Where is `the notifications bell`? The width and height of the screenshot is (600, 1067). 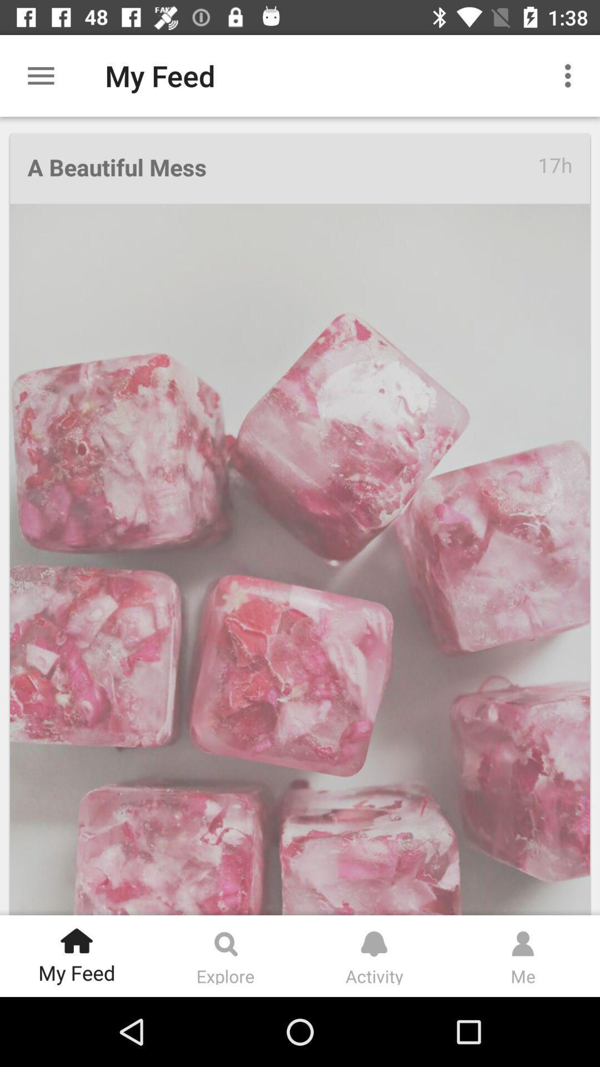 the notifications bell is located at coordinates (374, 938).